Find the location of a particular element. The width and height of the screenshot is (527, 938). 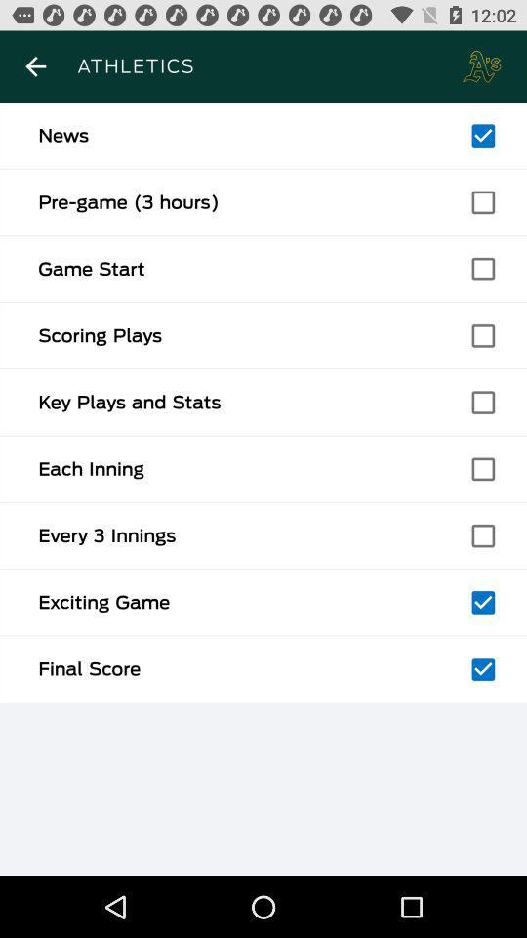

check game start notification is located at coordinates (482, 268).